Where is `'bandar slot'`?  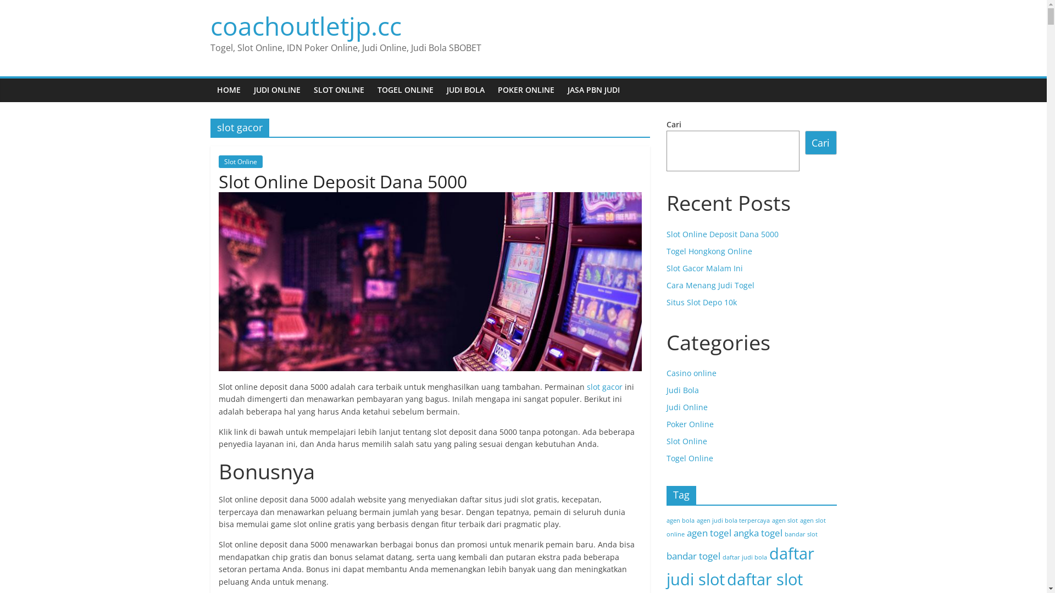
'bandar slot' is located at coordinates (801, 533).